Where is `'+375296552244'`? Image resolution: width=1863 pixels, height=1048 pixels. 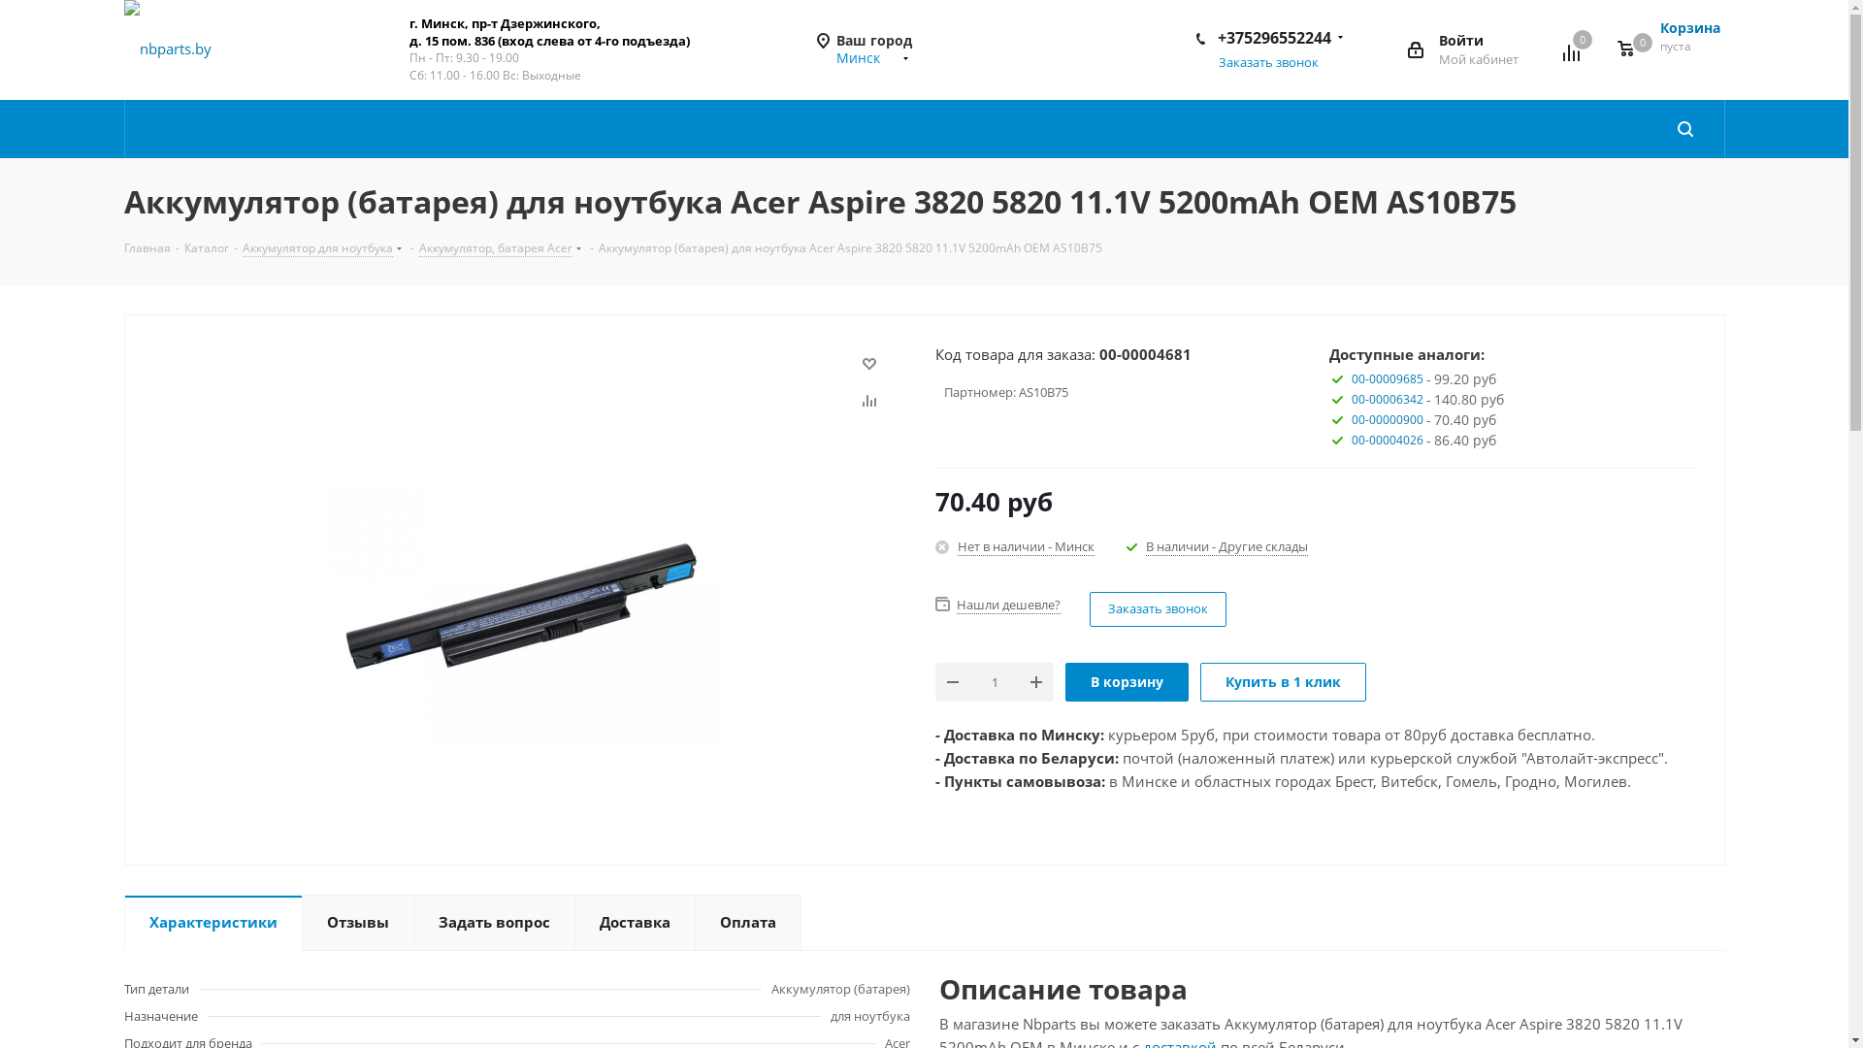
'+375296552244' is located at coordinates (1273, 37).